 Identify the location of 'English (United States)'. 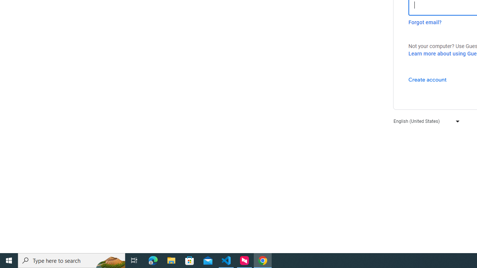
(424, 121).